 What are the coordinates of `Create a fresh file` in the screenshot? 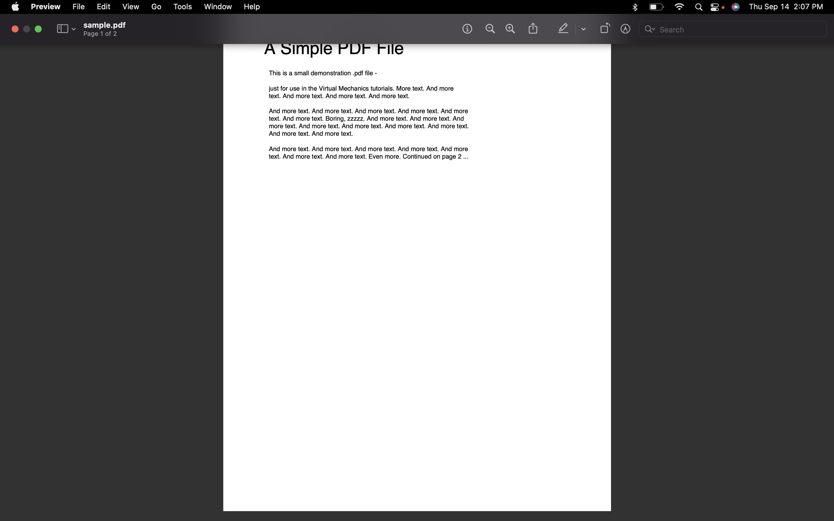 It's located at (79, 6).